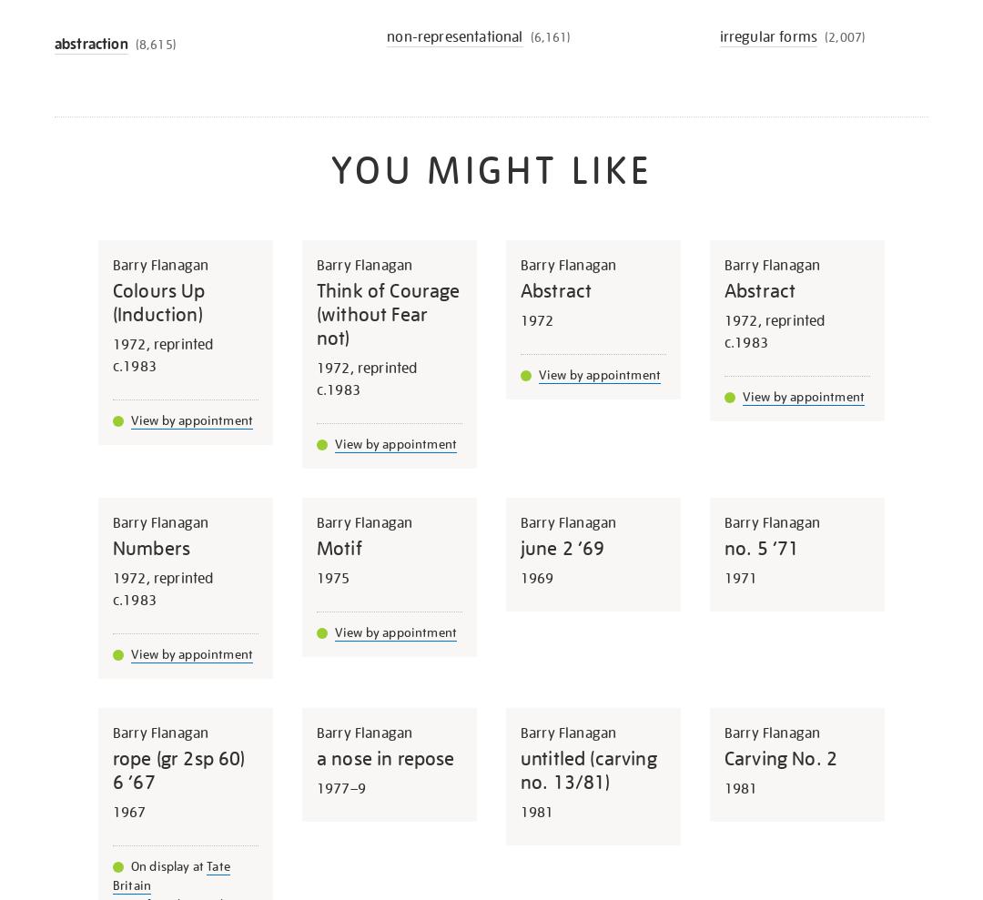 The width and height of the screenshot is (983, 900). I want to click on 'On display at', so click(168, 865).